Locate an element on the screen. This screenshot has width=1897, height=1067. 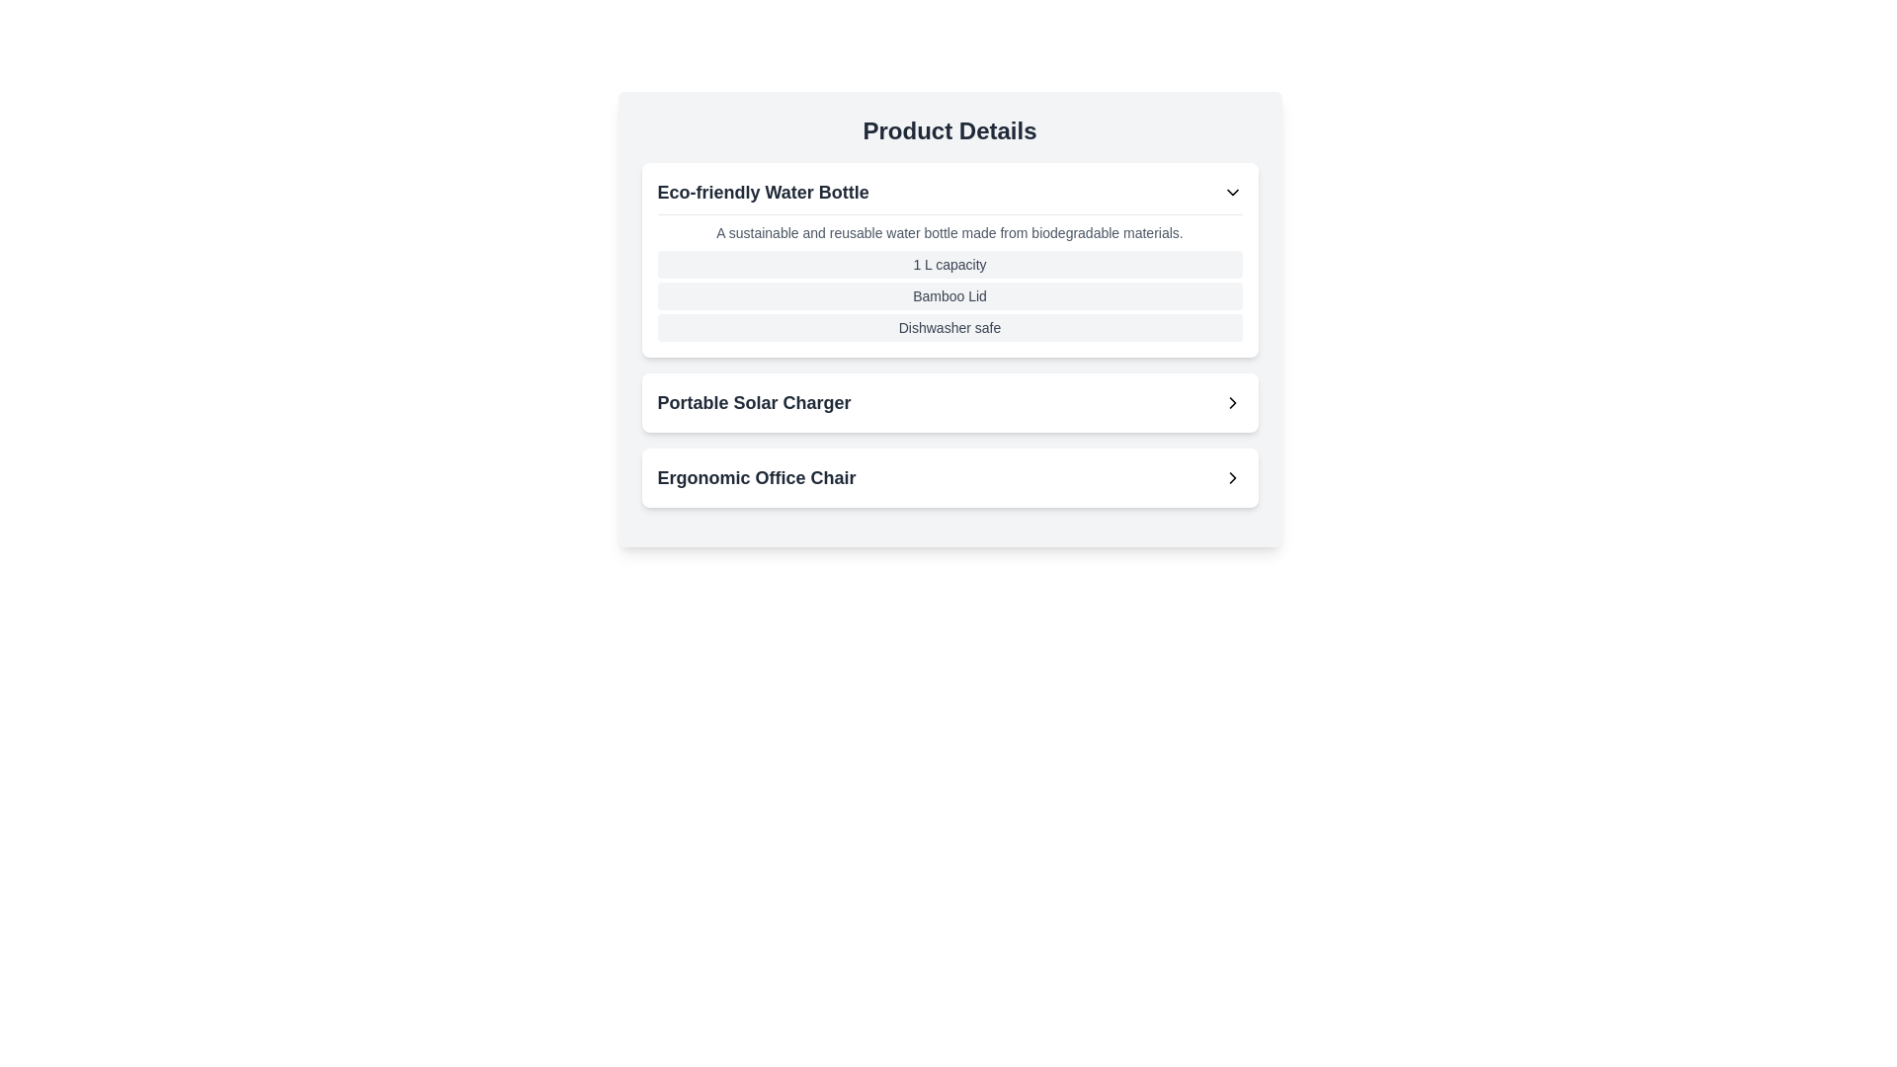
the rightward-pointing chevron-shaped arrow adjacent to the 'Portable Solar Charger' label is located at coordinates (1231, 402).